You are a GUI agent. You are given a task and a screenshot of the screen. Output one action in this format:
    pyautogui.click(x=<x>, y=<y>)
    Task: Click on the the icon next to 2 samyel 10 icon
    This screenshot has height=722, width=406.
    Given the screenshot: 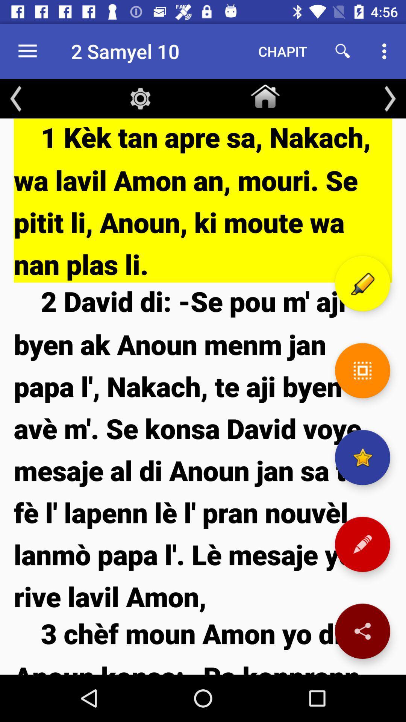 What is the action you would take?
    pyautogui.click(x=27, y=51)
    